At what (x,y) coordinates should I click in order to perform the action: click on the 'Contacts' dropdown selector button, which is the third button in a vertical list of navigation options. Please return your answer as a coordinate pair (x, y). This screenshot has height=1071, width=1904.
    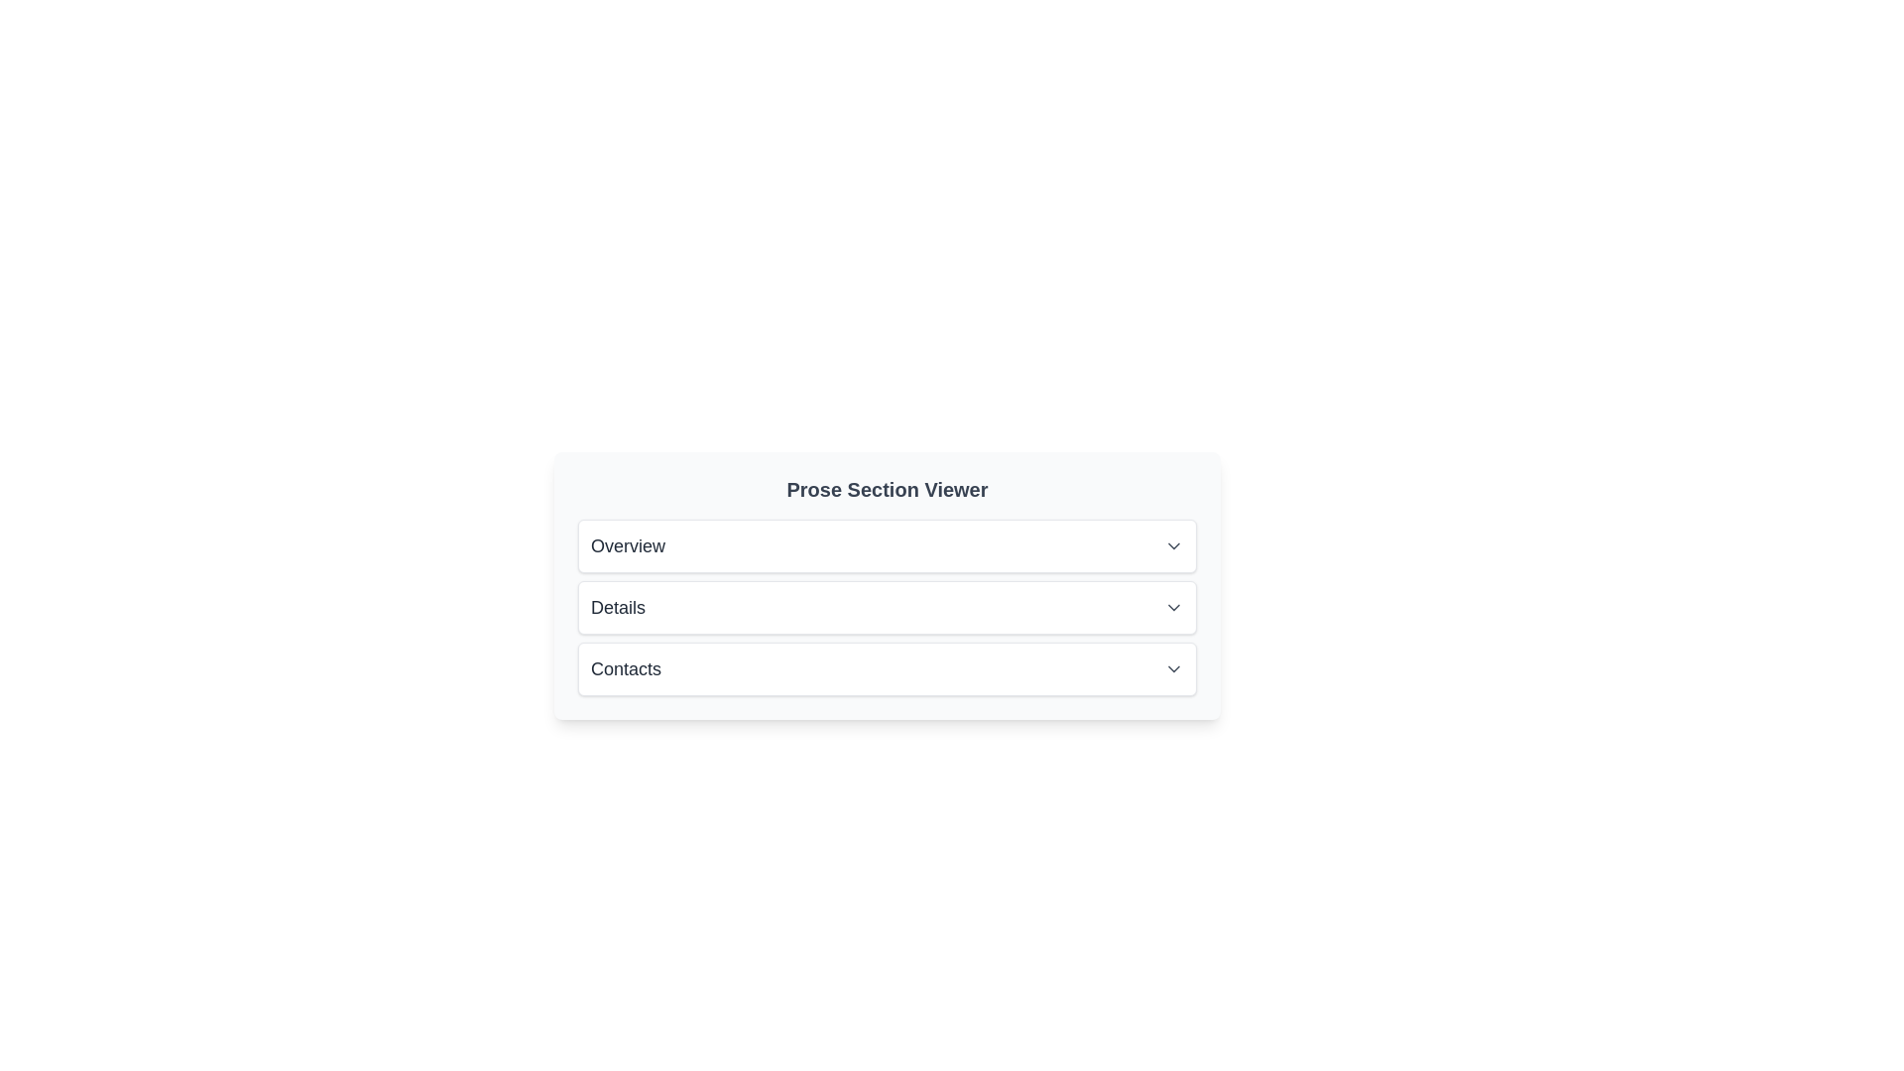
    Looking at the image, I should click on (886, 669).